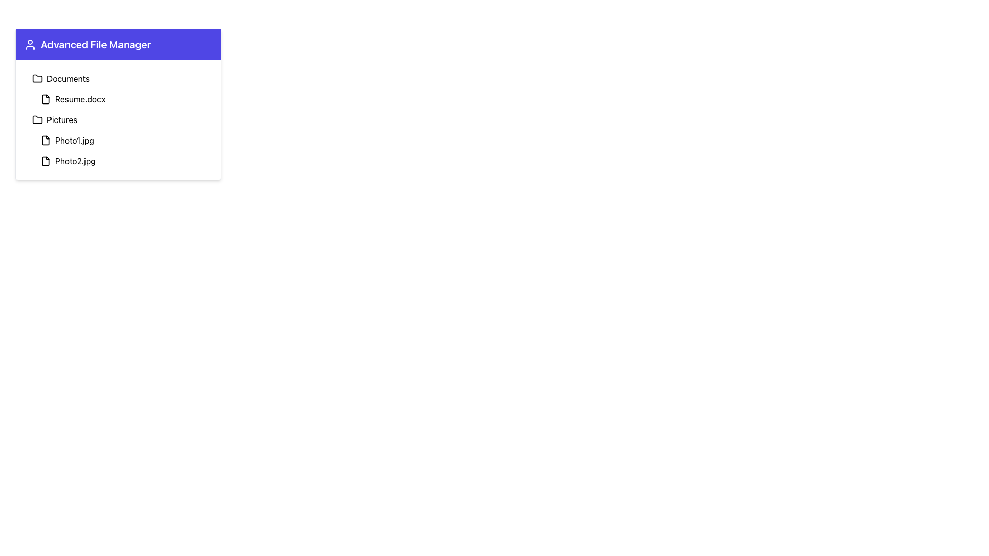 This screenshot has width=989, height=556. I want to click on the text label for the file named 'Photo1.jpg', so click(74, 141).